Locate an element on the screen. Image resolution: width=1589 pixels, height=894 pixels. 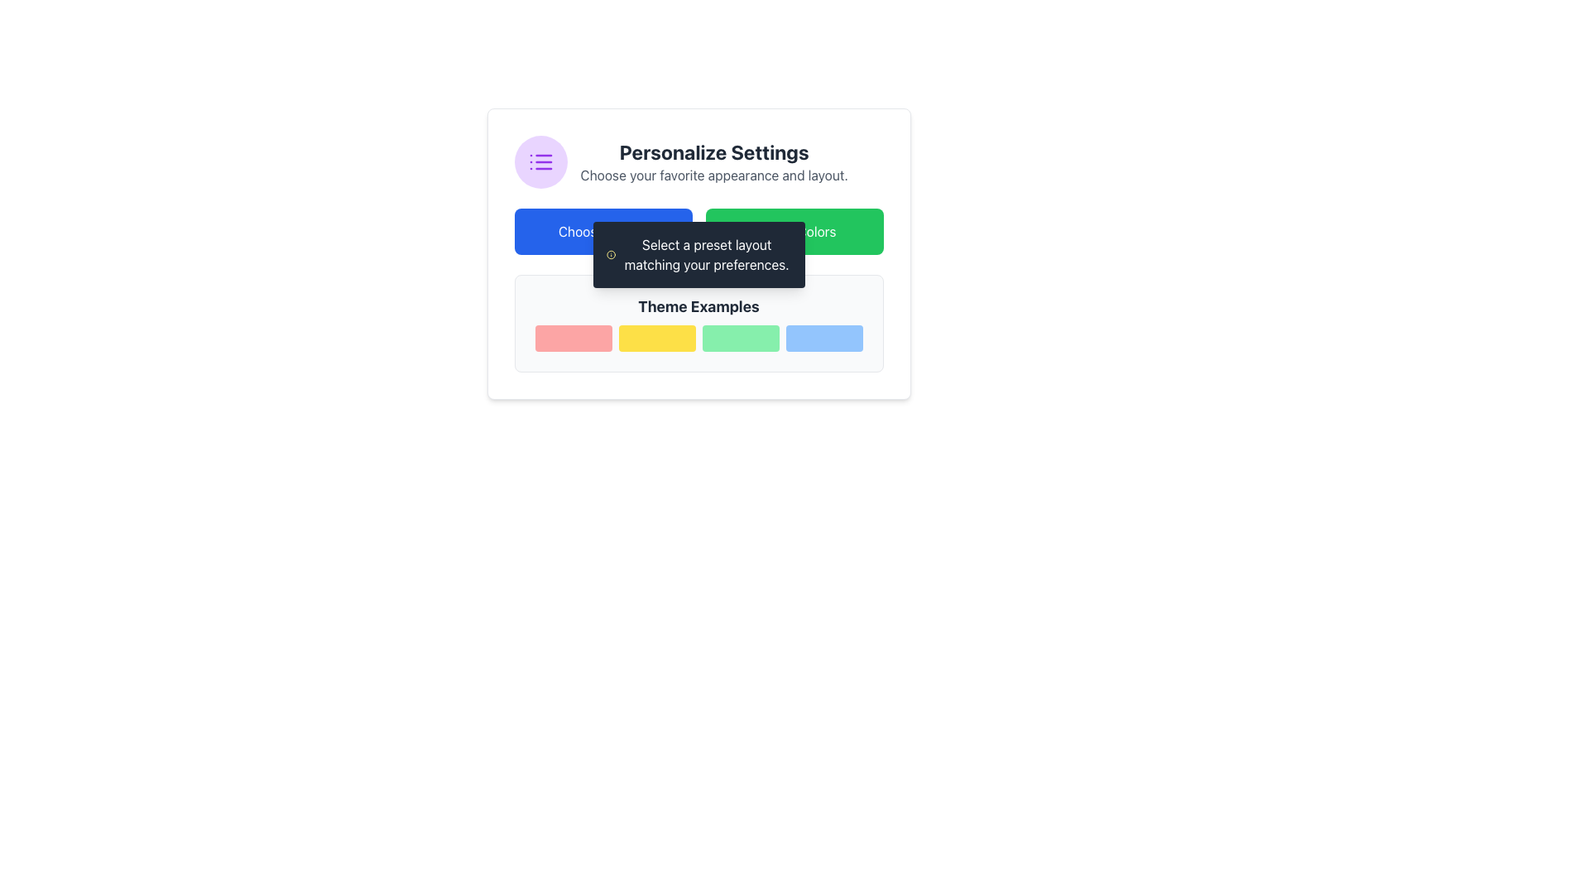
text of the section heading that introduces the 'Personalize Settings' feature, located at the top-left corner of the card above the description text is located at coordinates (714, 152).